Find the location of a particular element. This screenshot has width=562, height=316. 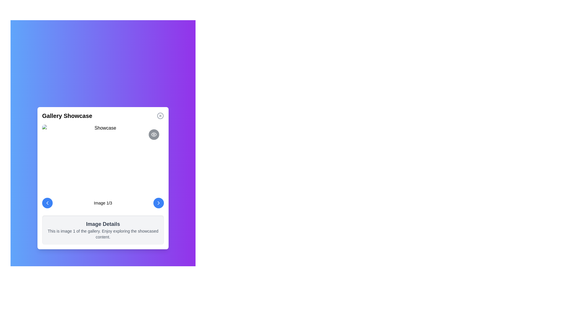

the chevron icon located at the bottom right of the card interface is located at coordinates (159, 203).